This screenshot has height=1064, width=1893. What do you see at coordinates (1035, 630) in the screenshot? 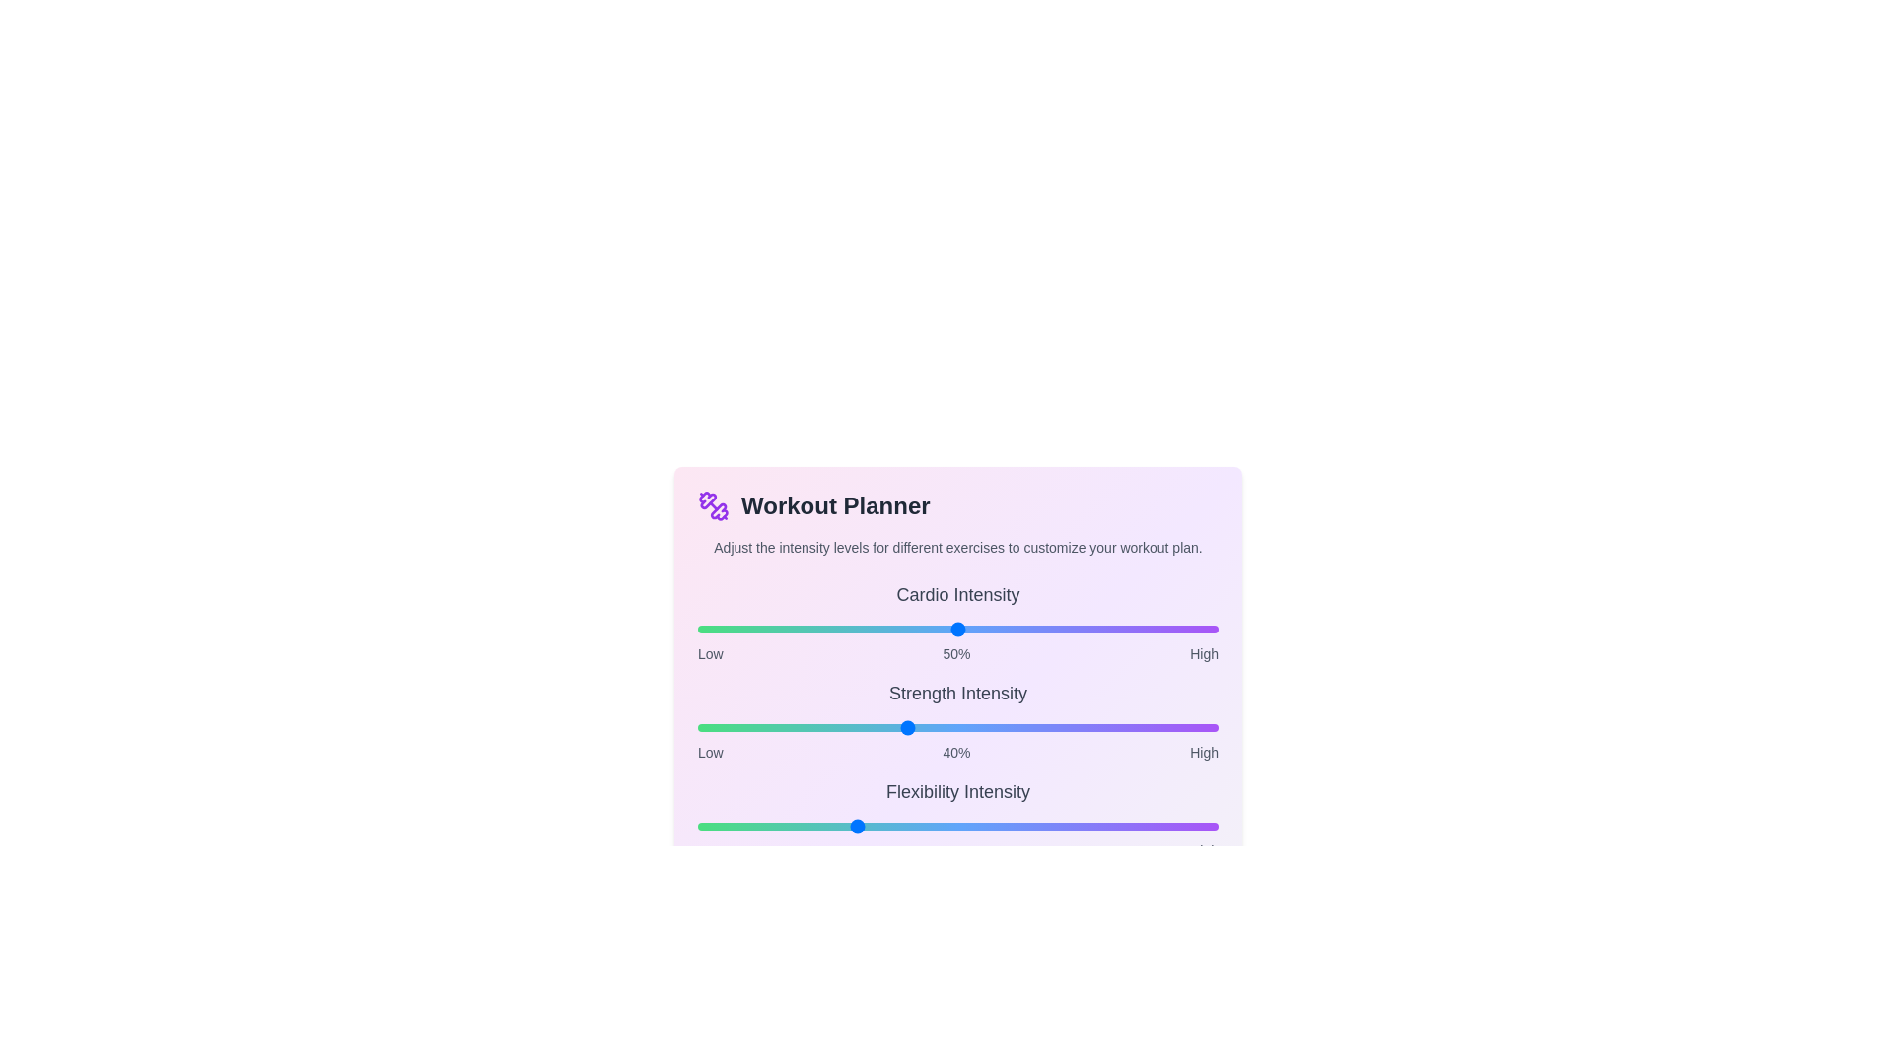
I see `the intensity of the 0 slider to 65%` at bounding box center [1035, 630].